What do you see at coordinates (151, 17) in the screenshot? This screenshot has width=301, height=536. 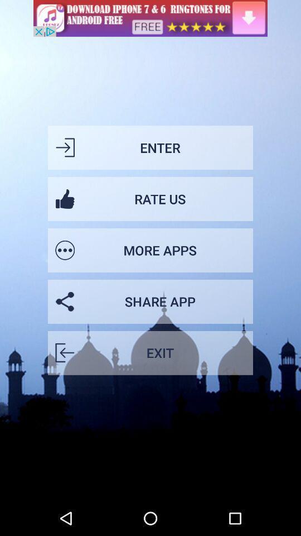 I see `ringtone download popup` at bounding box center [151, 17].